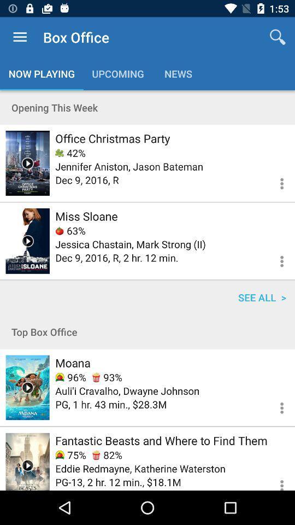 This screenshot has width=295, height=525. Describe the element at coordinates (70, 230) in the screenshot. I see `the item below miss sloane icon` at that location.